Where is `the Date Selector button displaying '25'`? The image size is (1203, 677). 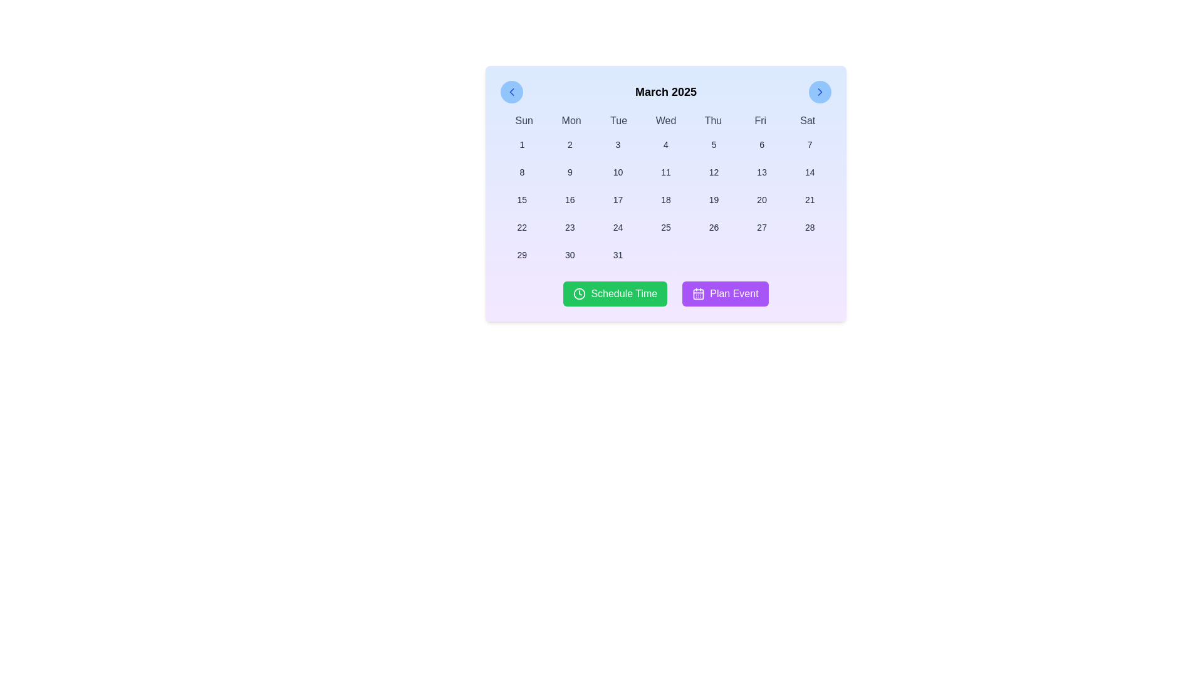 the Date Selector button displaying '25' is located at coordinates (665, 227).